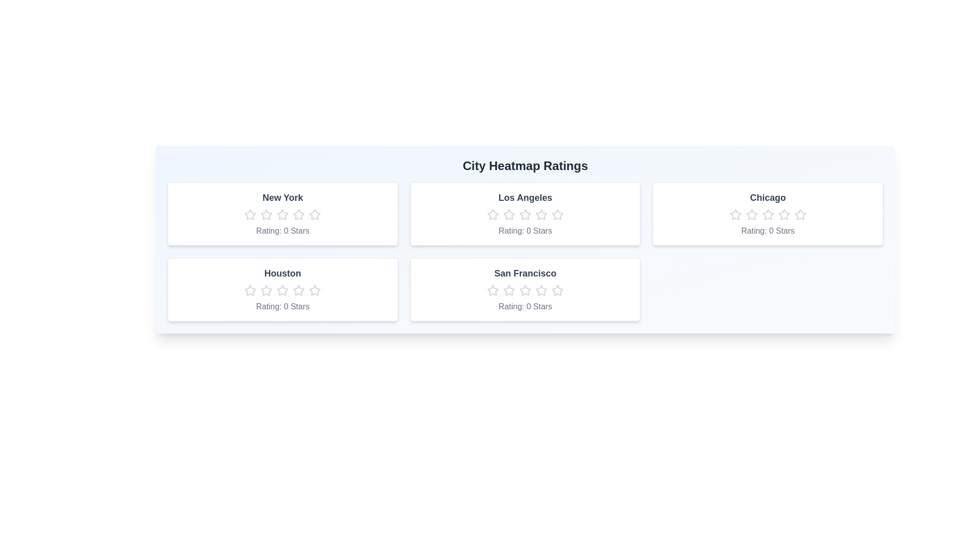 The width and height of the screenshot is (969, 545). I want to click on the San Francisco rating star number 2, so click(509, 290).